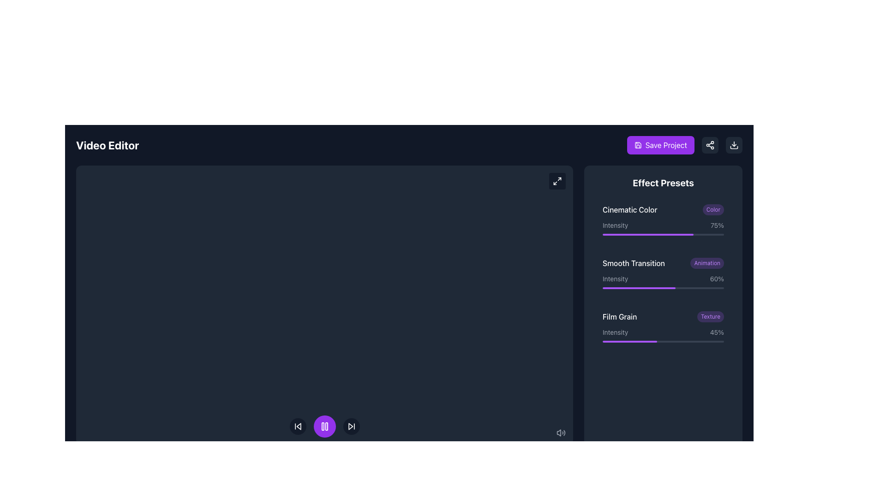 The image size is (886, 498). I want to click on 'Media' SVG icon resembling a picture frame located at the bottom center of the interface using development tools, so click(300, 476).